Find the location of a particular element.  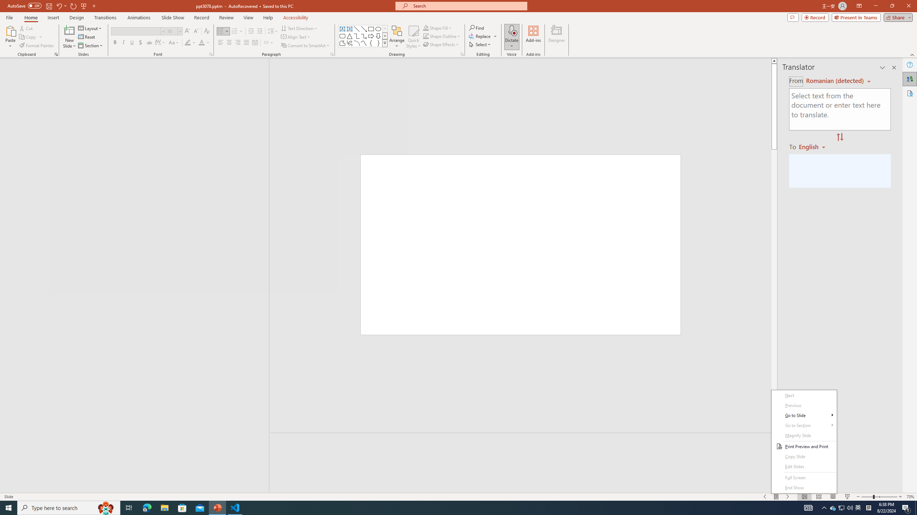

'Zoom 70%' is located at coordinates (910, 497).